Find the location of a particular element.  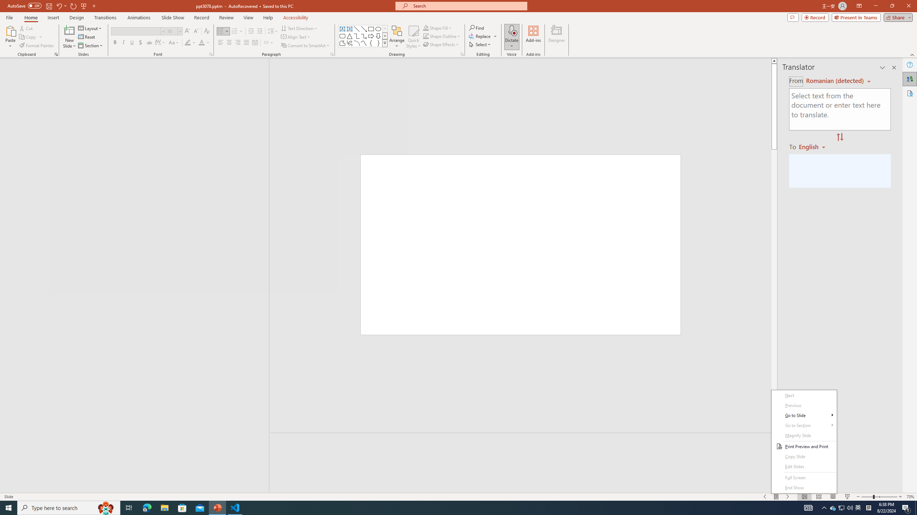

'Zoom 70%' is located at coordinates (910, 497).